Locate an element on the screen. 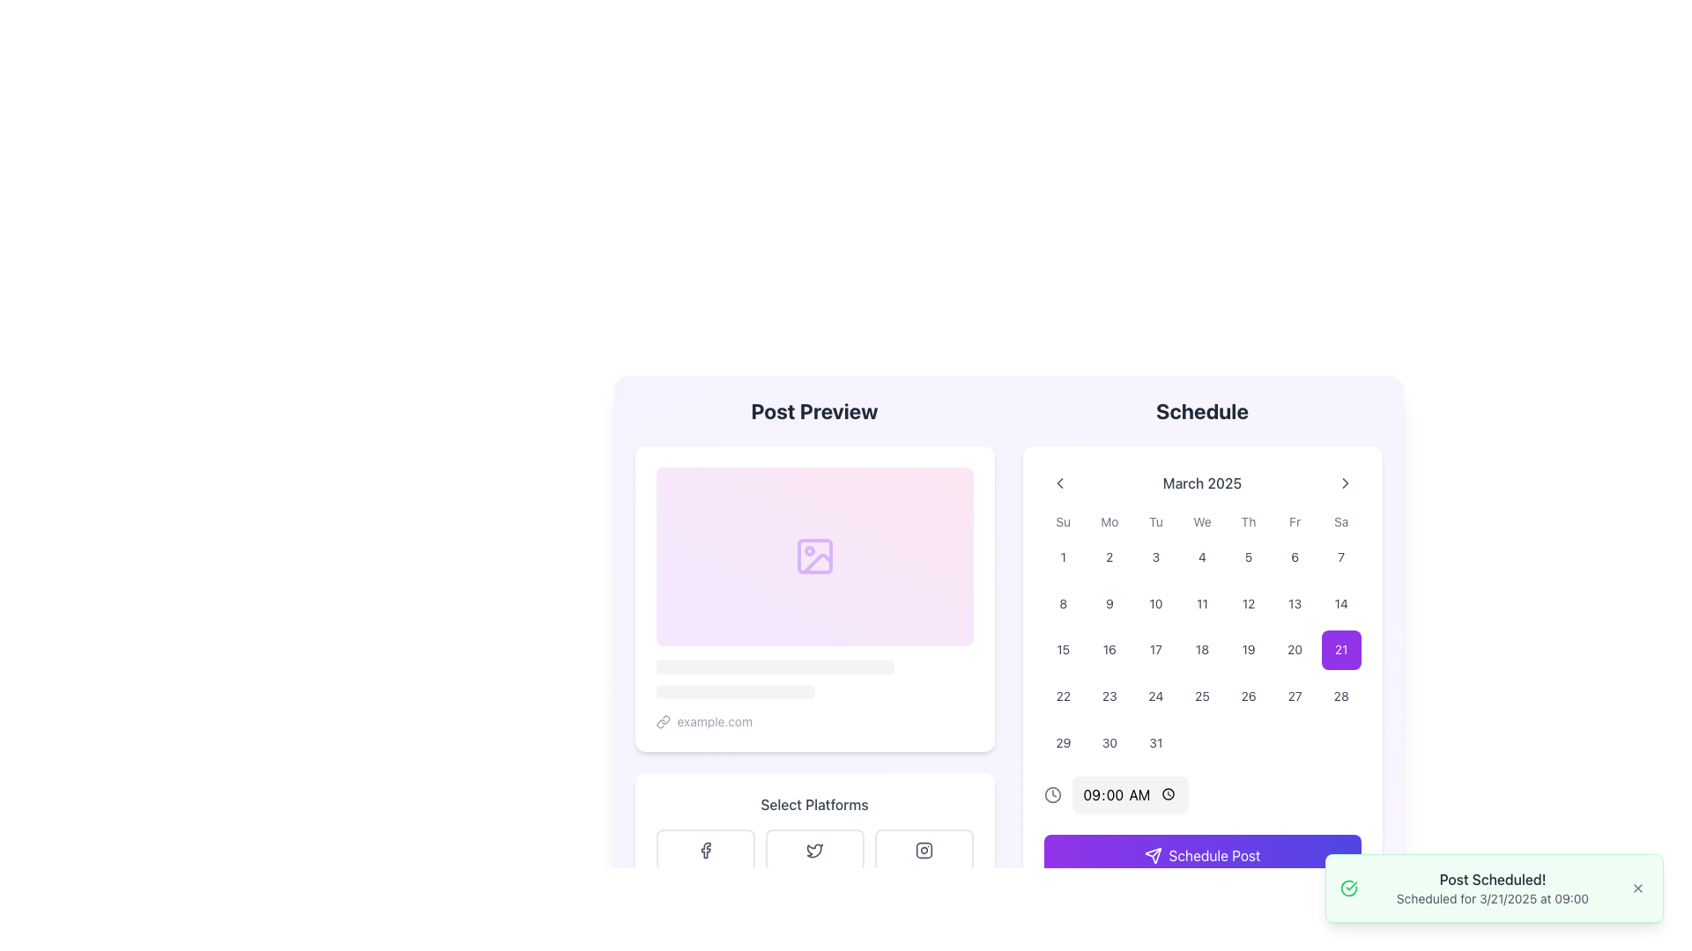 The height and width of the screenshot is (951, 1692). the downward-facing chevron icon to advance to the next month in the calendar section of the 'Schedule' is located at coordinates (1344, 483).